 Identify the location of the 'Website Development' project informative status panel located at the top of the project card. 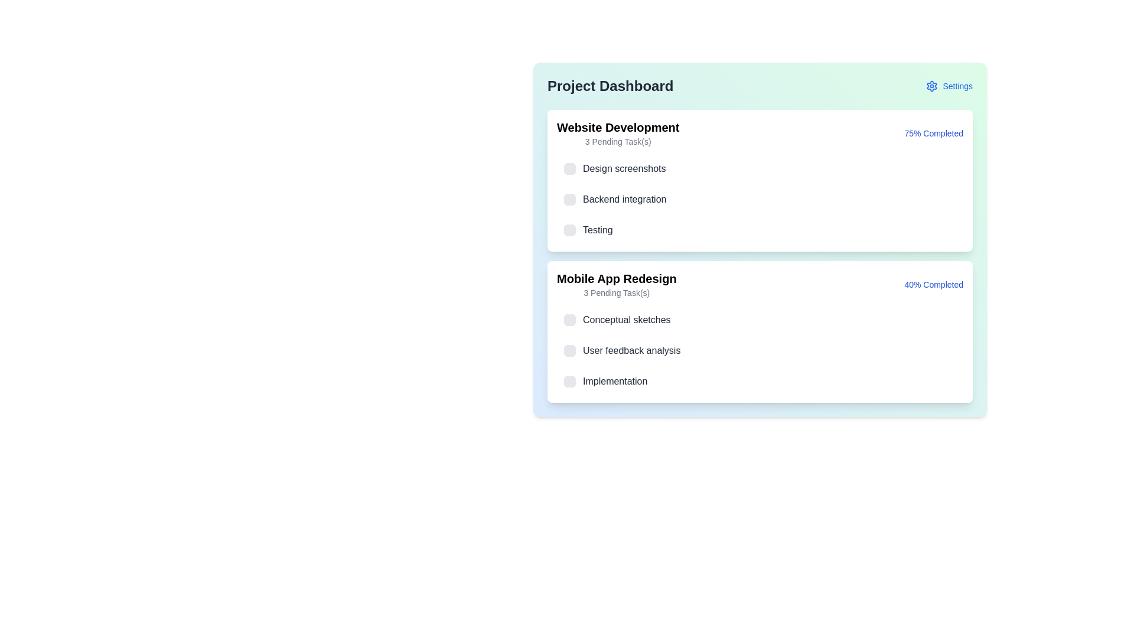
(760, 133).